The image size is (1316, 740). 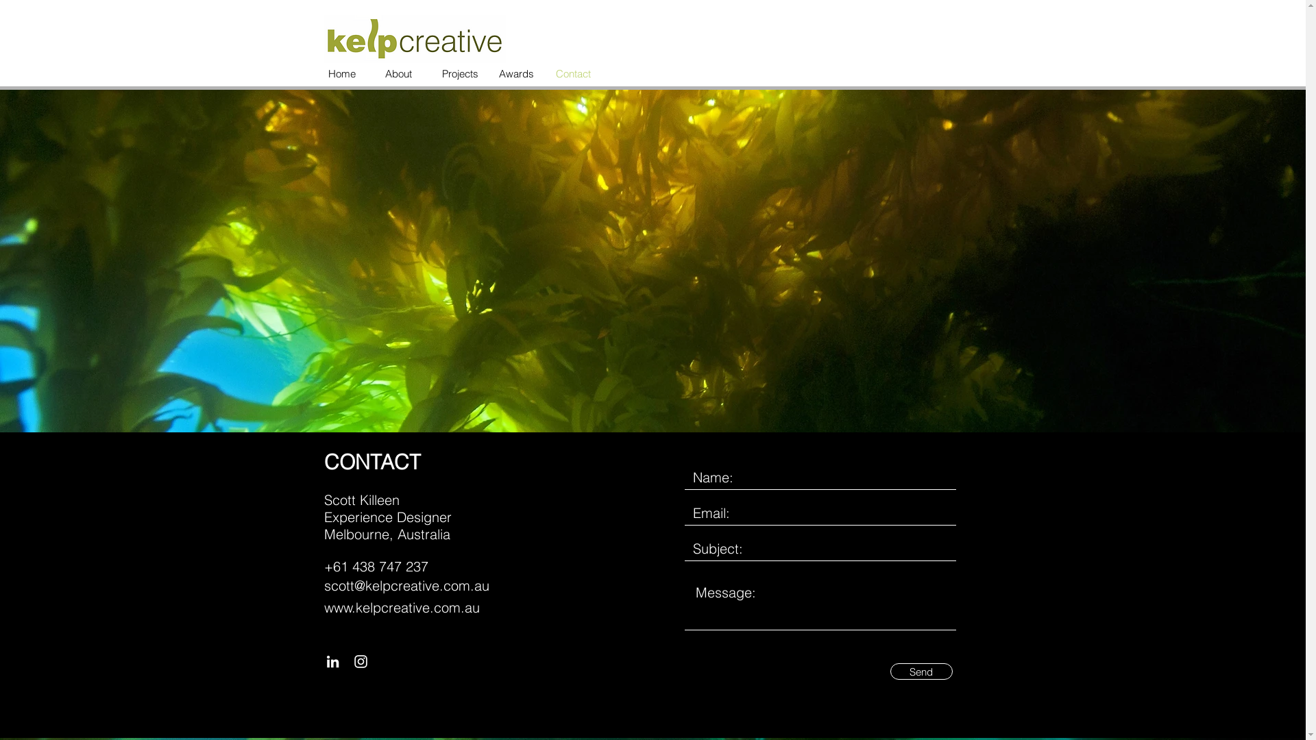 I want to click on 'Contact', so click(x=574, y=74).